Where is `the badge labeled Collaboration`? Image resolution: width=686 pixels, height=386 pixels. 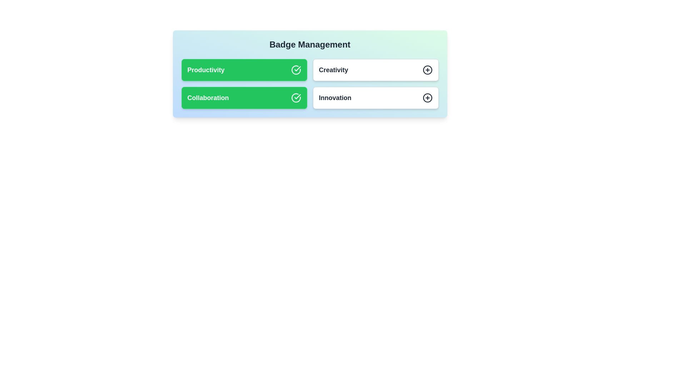 the badge labeled Collaboration is located at coordinates (244, 98).